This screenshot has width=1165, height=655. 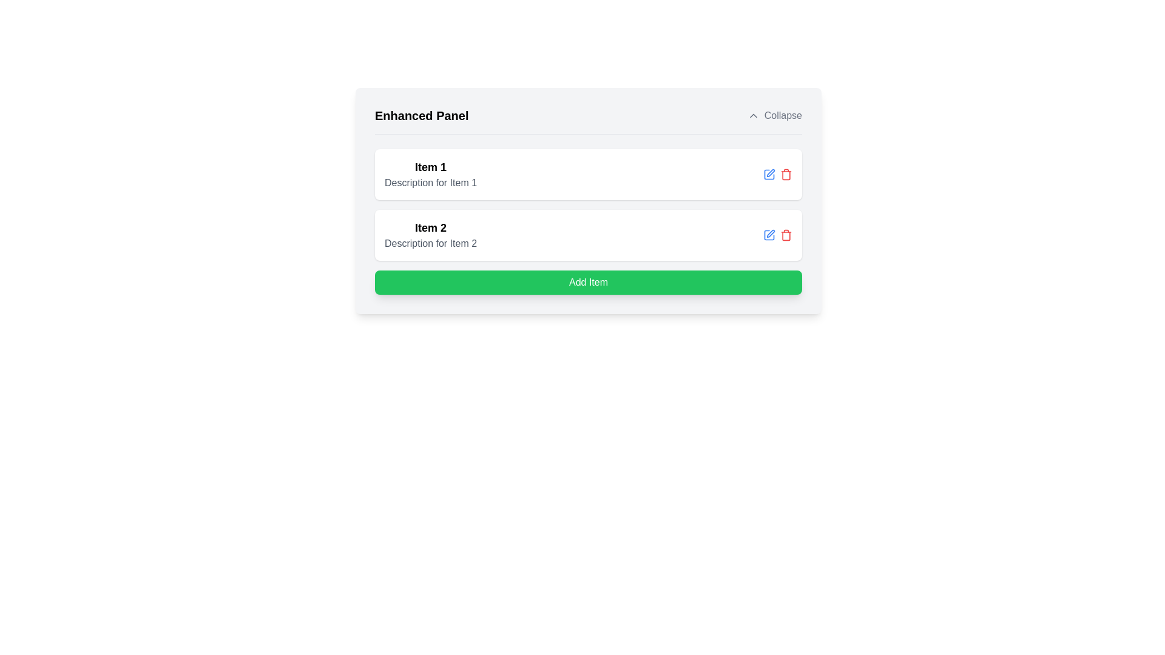 What do you see at coordinates (777, 175) in the screenshot?
I see `the icon button group containing a blue pen icon for editing and a red trash can icon for deleting actions, located at the top-right corner of the 'Item 1' card` at bounding box center [777, 175].